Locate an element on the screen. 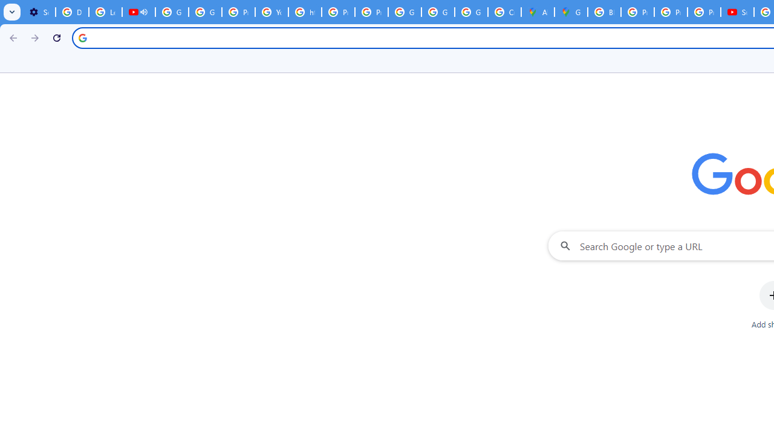 The width and height of the screenshot is (774, 435). 'Privacy Help Center - Policies Help' is located at coordinates (637, 12).